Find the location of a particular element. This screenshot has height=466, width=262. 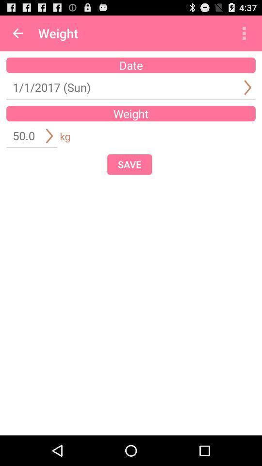

save is located at coordinates (130, 164).